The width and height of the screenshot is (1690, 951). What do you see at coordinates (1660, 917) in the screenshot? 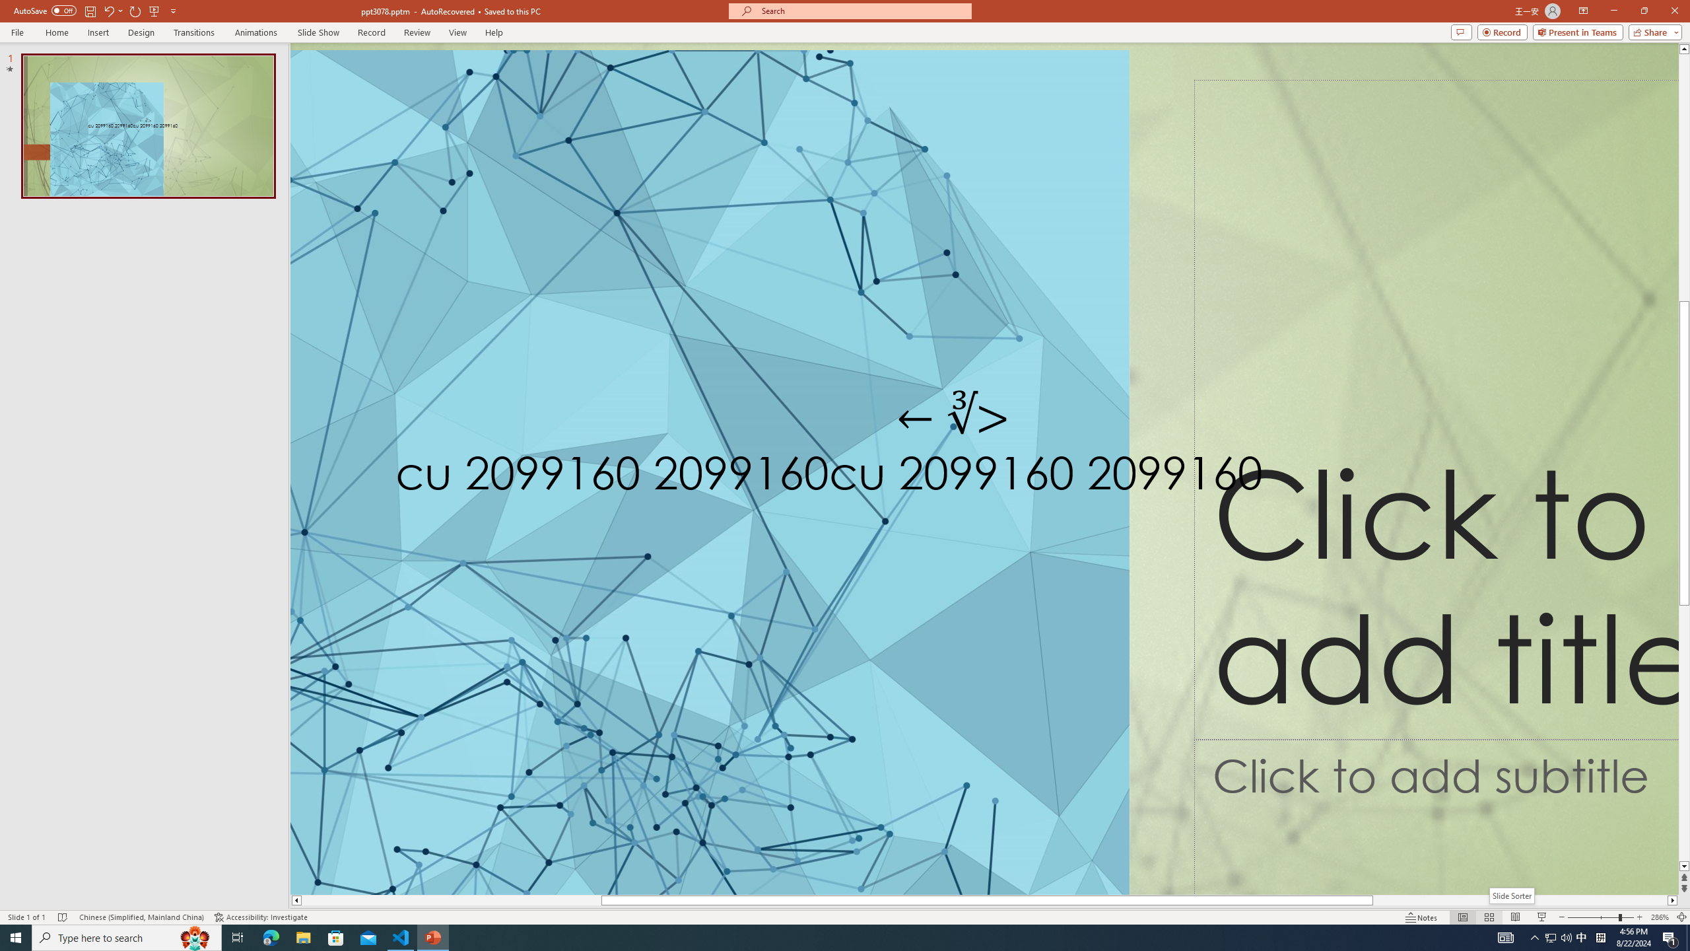
I see `'Zoom 286%'` at bounding box center [1660, 917].